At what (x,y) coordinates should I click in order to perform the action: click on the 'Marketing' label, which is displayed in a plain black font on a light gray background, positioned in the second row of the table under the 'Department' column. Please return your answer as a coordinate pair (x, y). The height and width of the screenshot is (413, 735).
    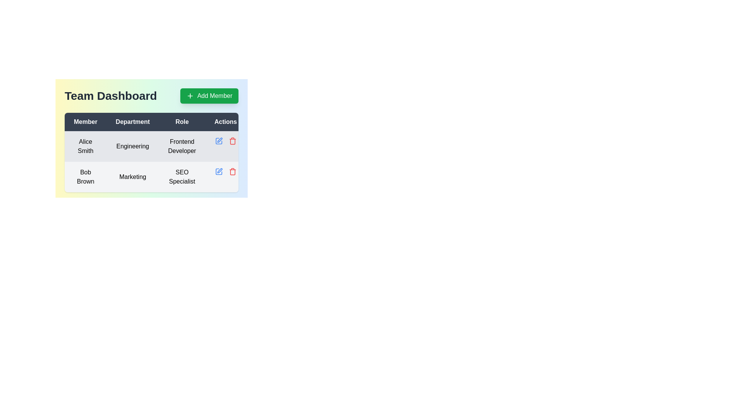
    Looking at the image, I should click on (132, 177).